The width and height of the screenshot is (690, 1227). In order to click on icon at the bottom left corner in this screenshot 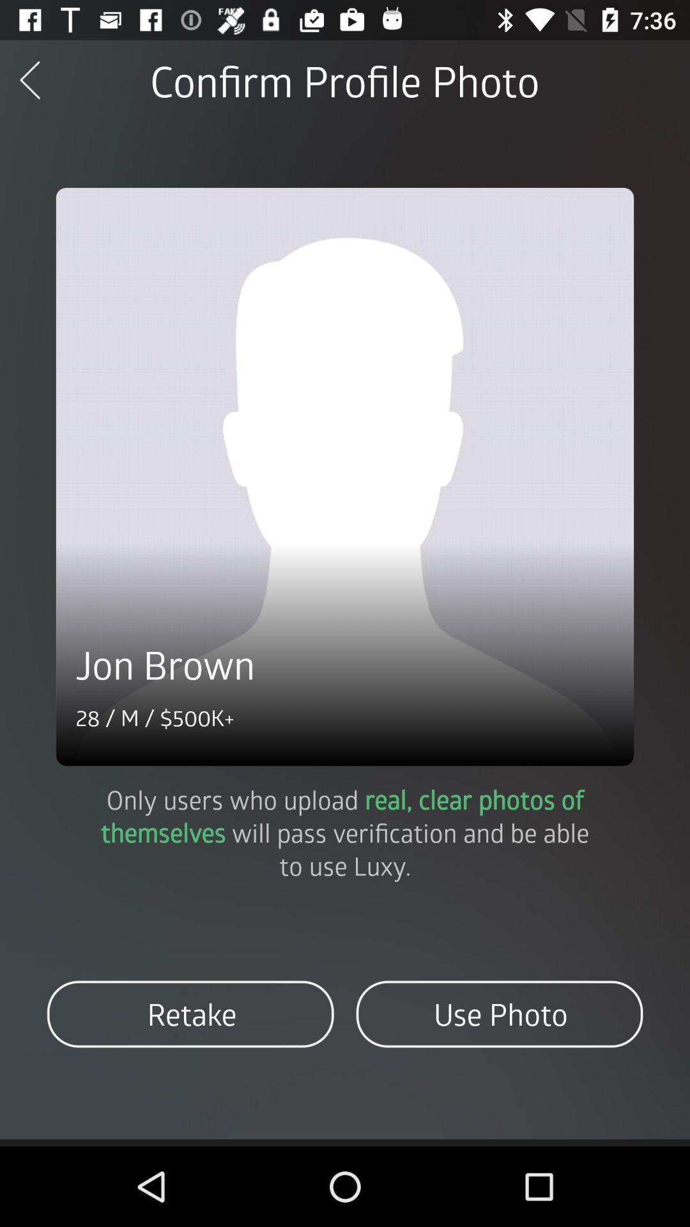, I will do `click(190, 1014)`.